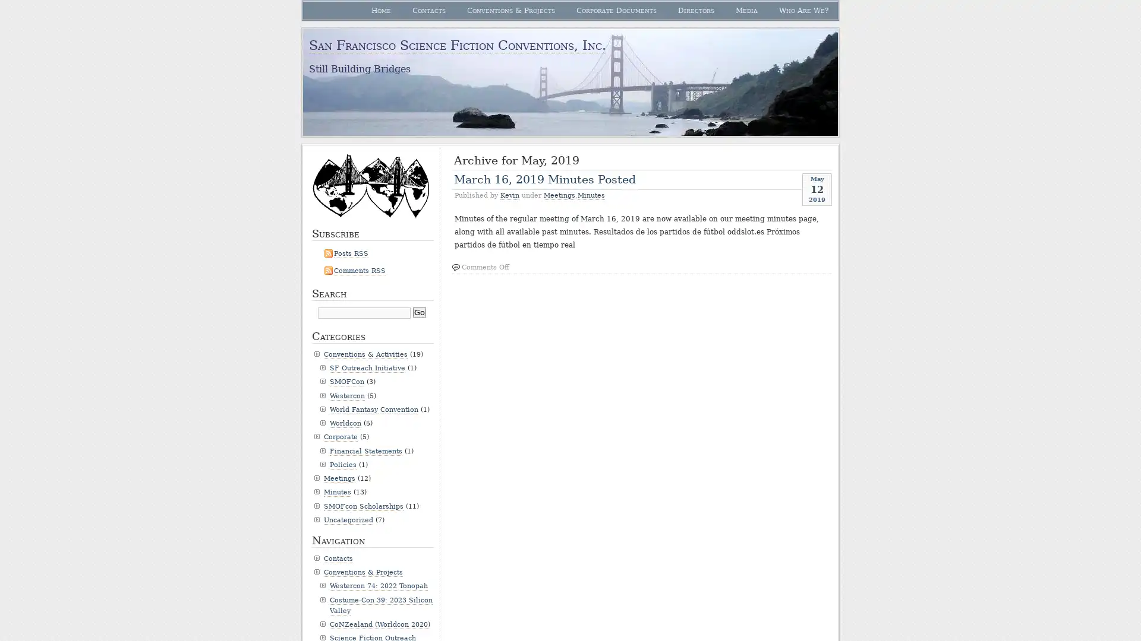 This screenshot has width=1141, height=641. What do you see at coordinates (419, 311) in the screenshot?
I see `Go` at bounding box center [419, 311].